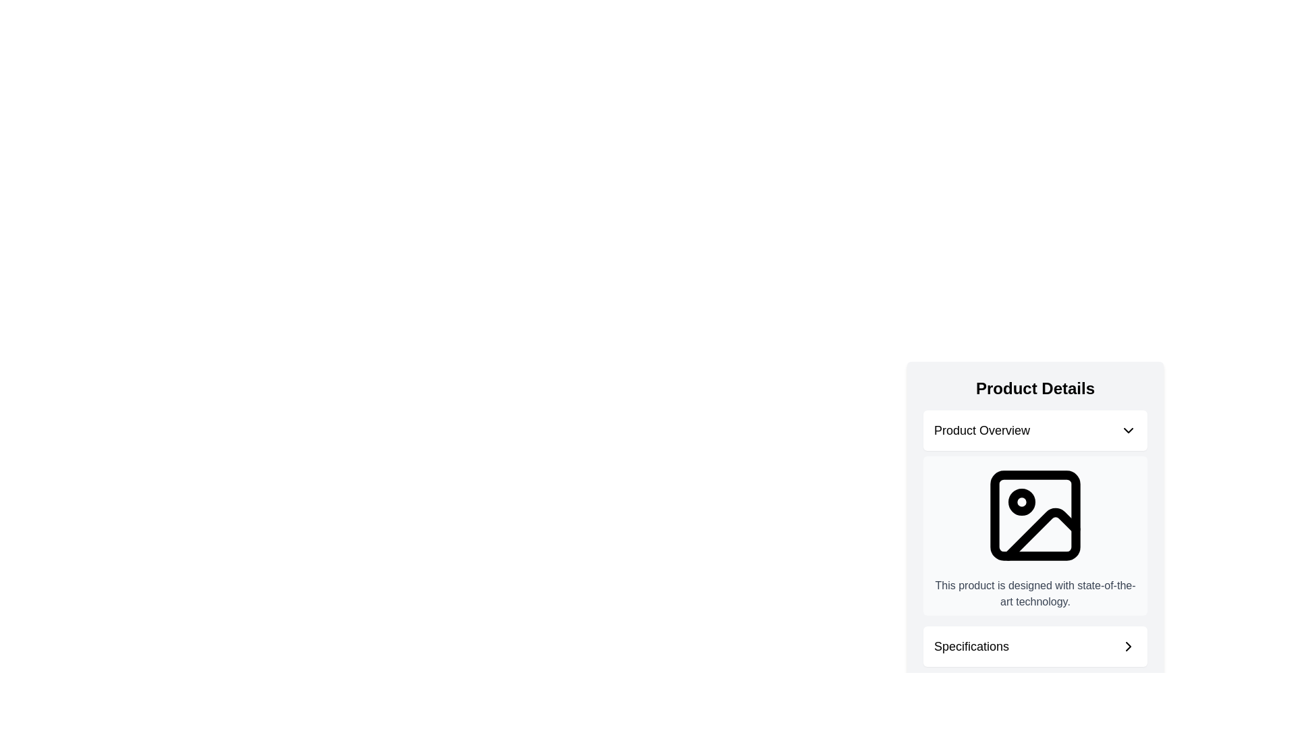 Image resolution: width=1296 pixels, height=729 pixels. What do you see at coordinates (971, 645) in the screenshot?
I see `'Specifications' label, which is a medium-sized, bold text element located in the 'Product Details' section, positioned to the left of a rightward arrow icon` at bounding box center [971, 645].